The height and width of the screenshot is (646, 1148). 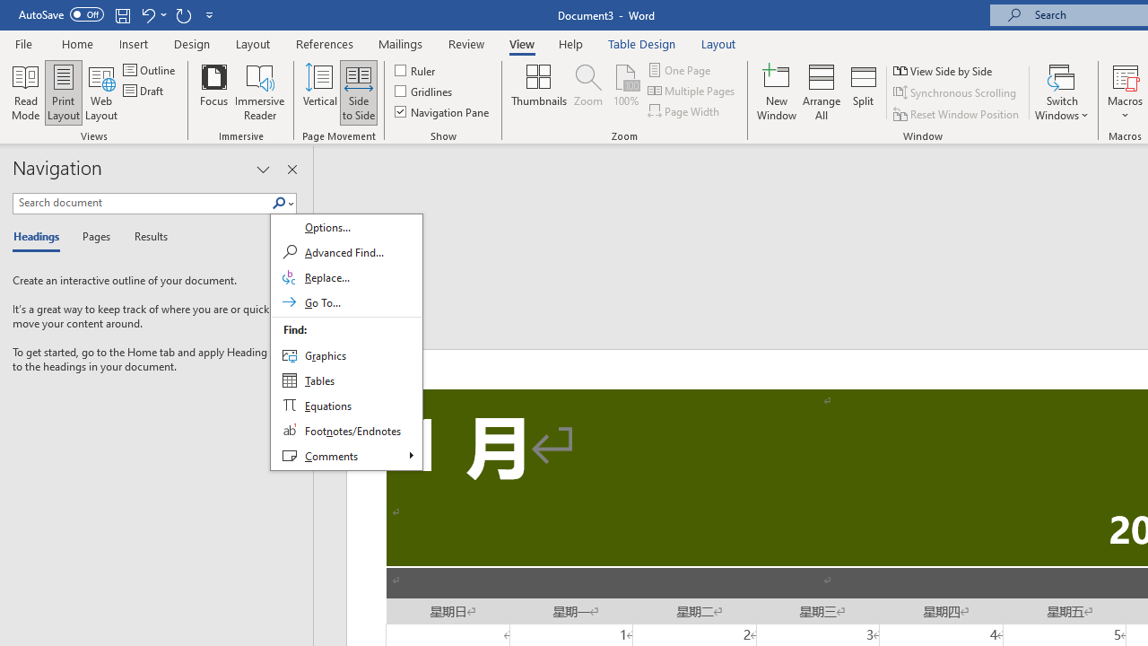 What do you see at coordinates (821, 92) in the screenshot?
I see `'Arrange All'` at bounding box center [821, 92].